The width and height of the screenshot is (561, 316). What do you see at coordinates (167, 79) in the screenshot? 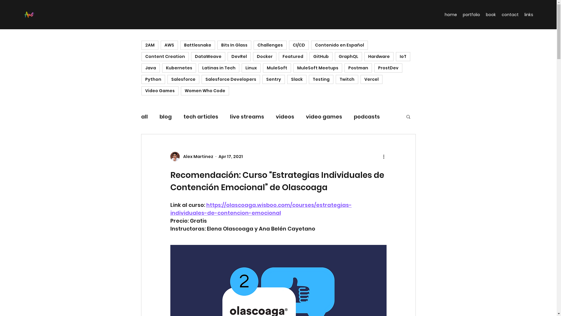
I see `'Salesforce'` at bounding box center [167, 79].